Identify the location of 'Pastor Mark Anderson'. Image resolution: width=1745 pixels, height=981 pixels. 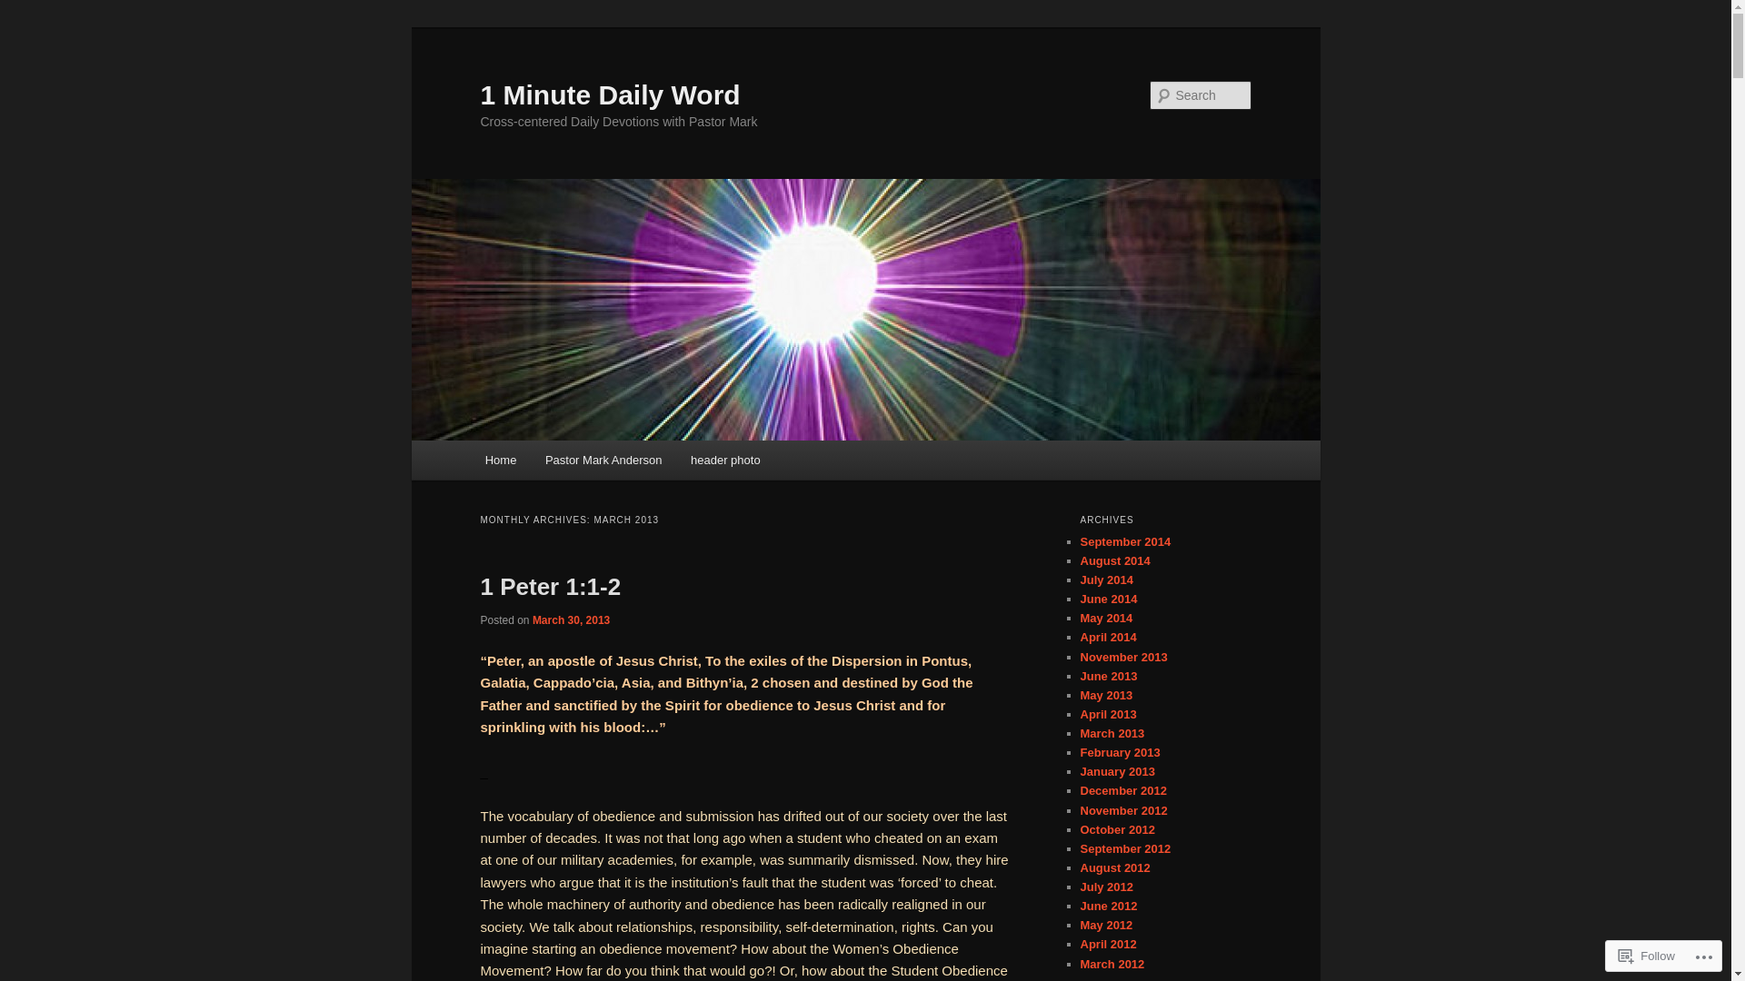
(603, 459).